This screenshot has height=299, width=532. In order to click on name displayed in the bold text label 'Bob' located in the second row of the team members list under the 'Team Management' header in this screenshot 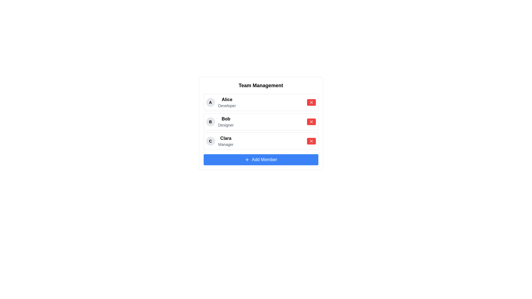, I will do `click(226, 118)`.